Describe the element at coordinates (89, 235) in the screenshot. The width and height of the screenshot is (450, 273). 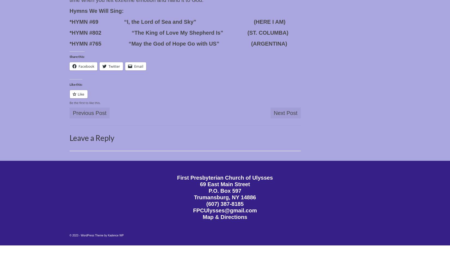
I see `'© 2023                        - WordPress Theme by'` at that location.